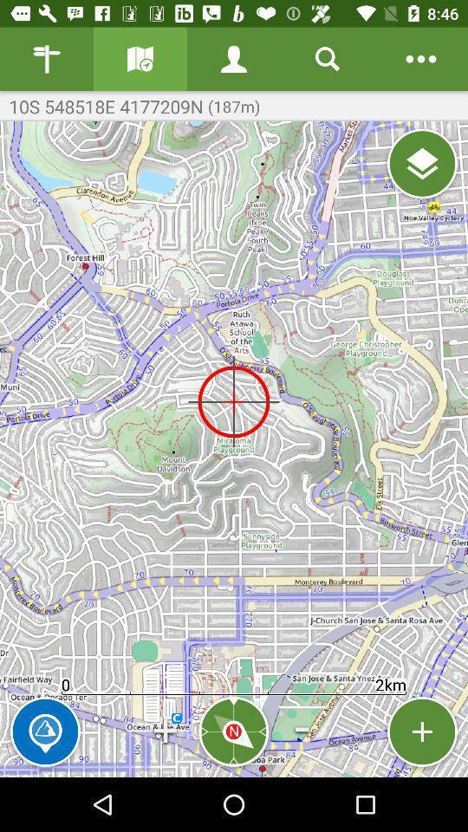  Describe the element at coordinates (421, 164) in the screenshot. I see `go the location` at that location.